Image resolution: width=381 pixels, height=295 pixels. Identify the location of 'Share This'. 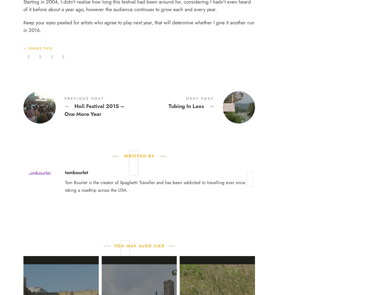
(40, 48).